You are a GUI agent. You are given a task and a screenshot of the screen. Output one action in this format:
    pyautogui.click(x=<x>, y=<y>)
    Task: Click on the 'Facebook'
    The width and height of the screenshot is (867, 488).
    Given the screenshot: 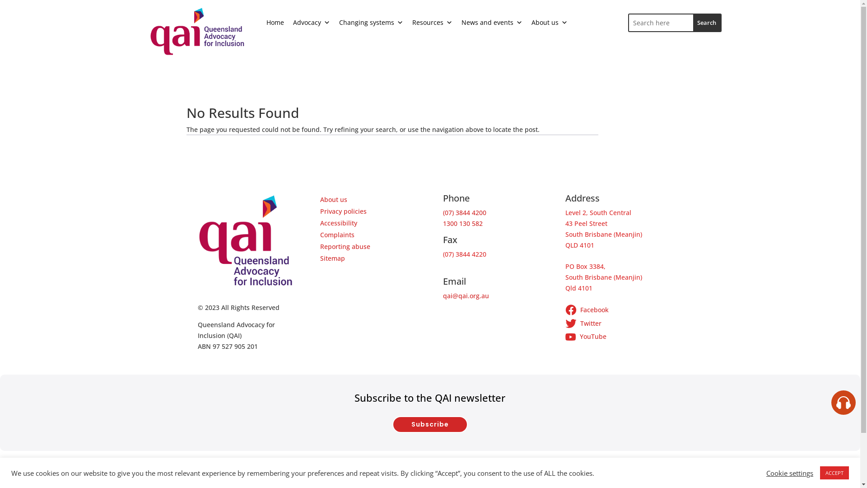 What is the action you would take?
    pyautogui.click(x=614, y=311)
    